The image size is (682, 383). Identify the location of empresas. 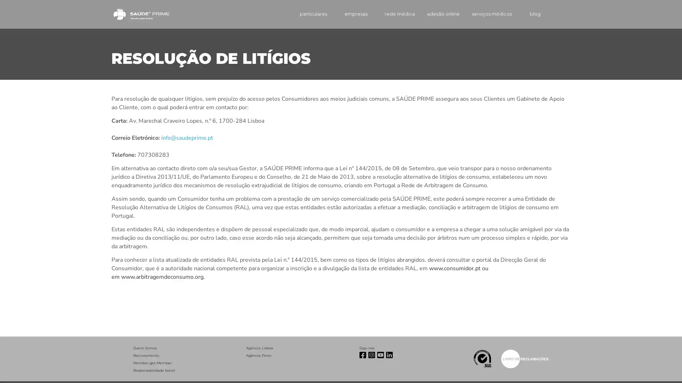
(346, 14).